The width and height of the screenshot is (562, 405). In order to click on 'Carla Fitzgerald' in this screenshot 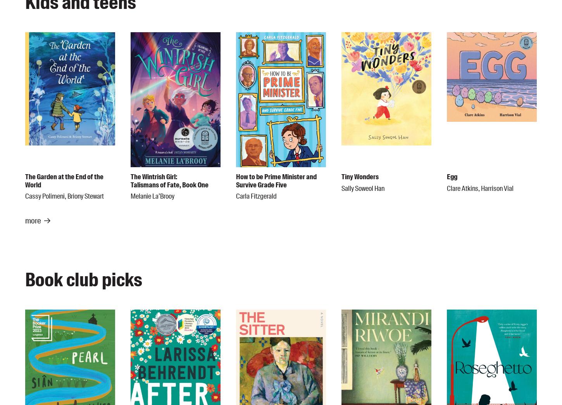, I will do `click(256, 196)`.